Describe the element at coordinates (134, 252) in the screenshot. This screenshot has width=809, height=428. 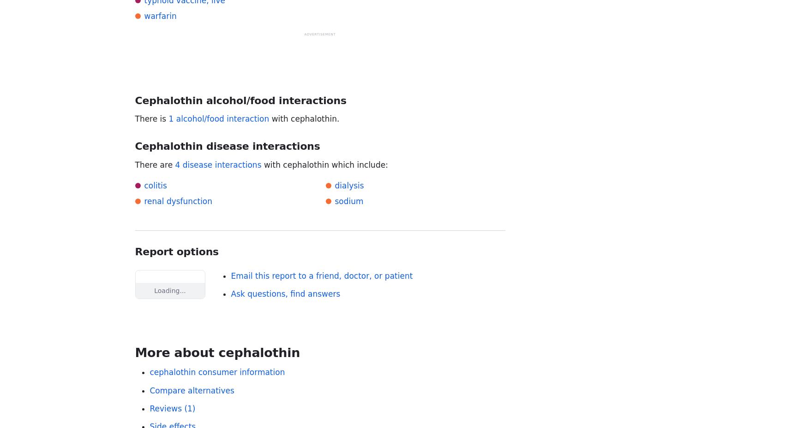
I see `'Report options'` at that location.